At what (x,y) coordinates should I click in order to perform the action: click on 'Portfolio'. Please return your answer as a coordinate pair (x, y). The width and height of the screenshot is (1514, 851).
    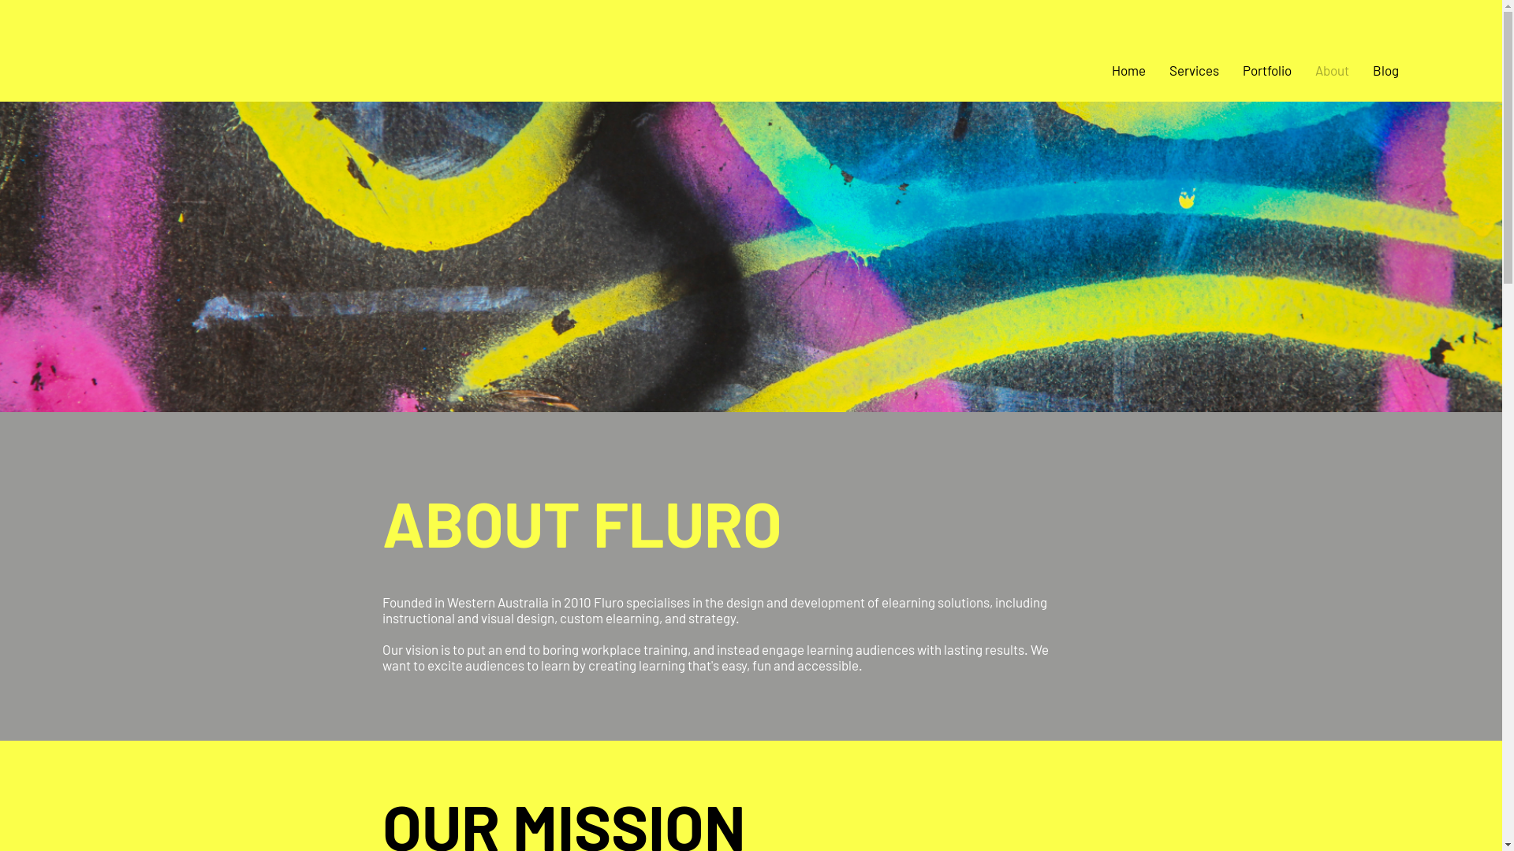
    Looking at the image, I should click on (1229, 69).